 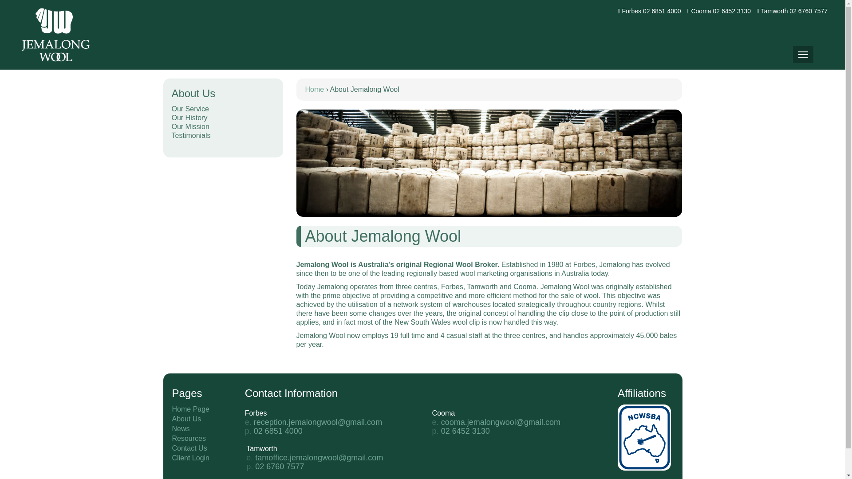 What do you see at coordinates (171, 135) in the screenshot?
I see `'Testimonials'` at bounding box center [171, 135].